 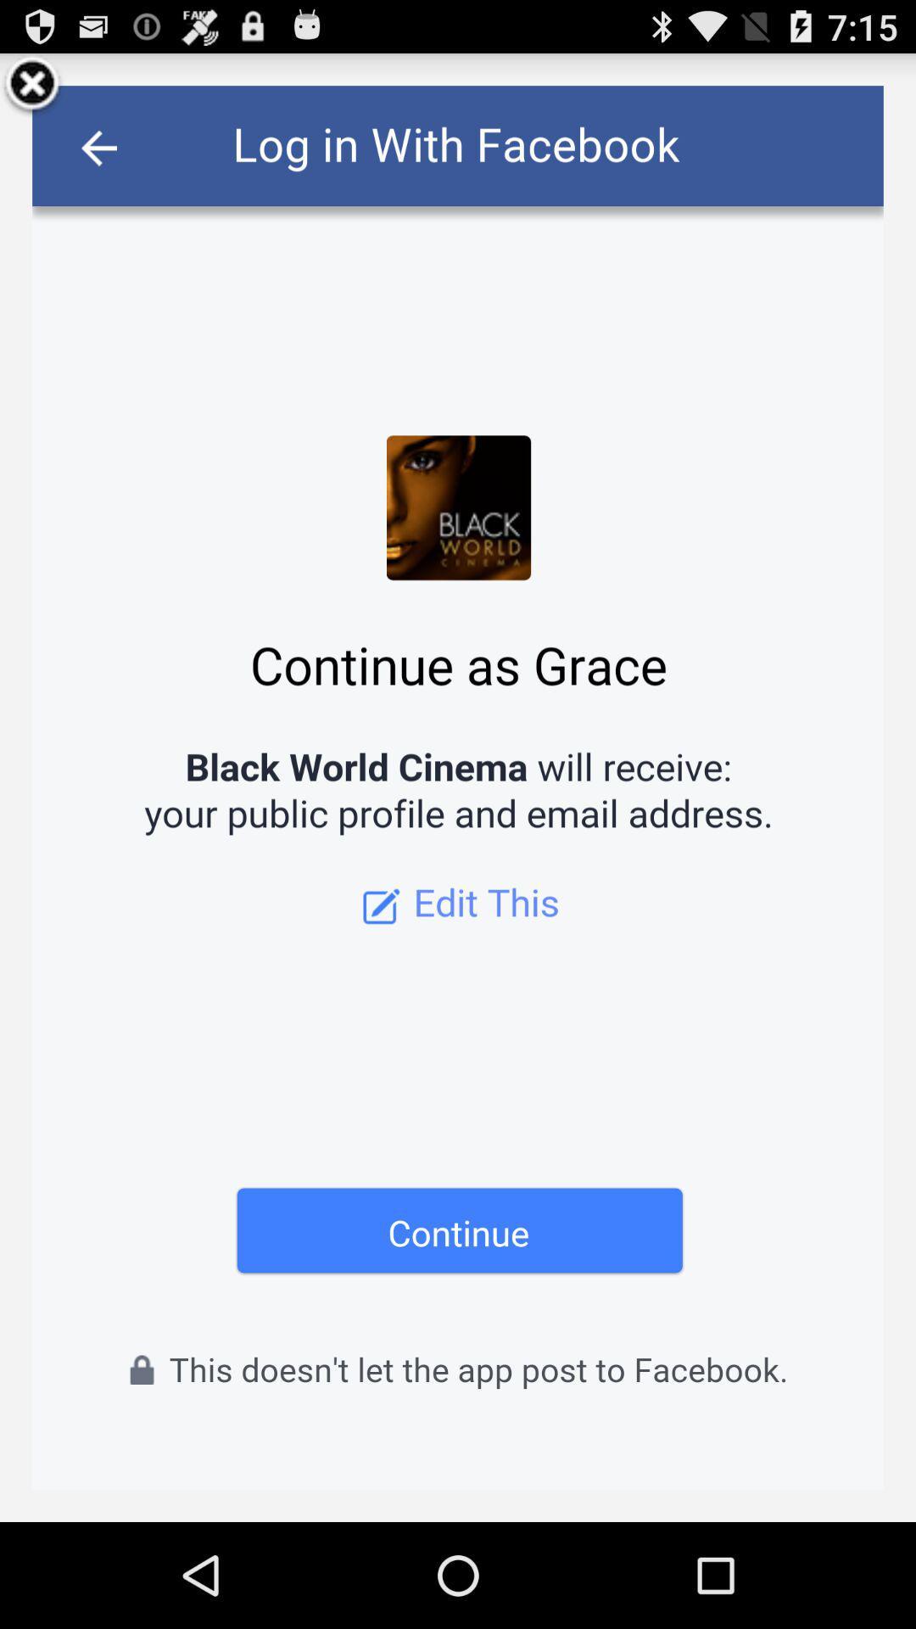 What do you see at coordinates (458, 787) in the screenshot?
I see `continue` at bounding box center [458, 787].